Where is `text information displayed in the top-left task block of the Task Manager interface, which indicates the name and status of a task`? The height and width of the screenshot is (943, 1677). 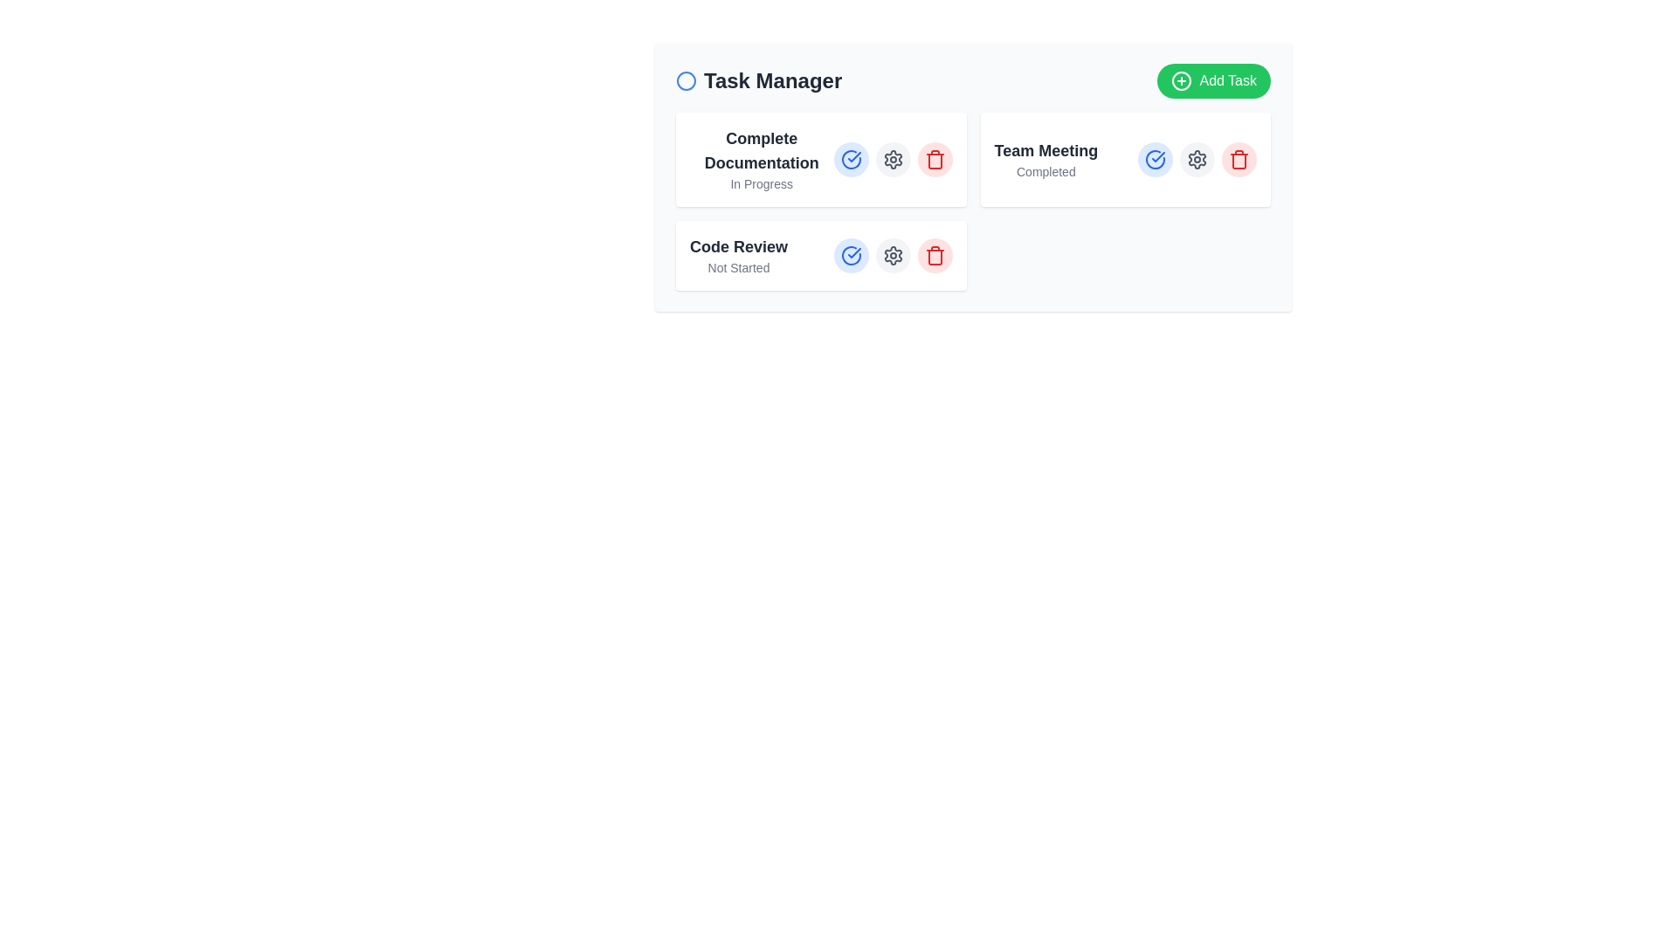
text information displayed in the top-left task block of the Task Manager interface, which indicates the name and status of a task is located at coordinates (762, 159).